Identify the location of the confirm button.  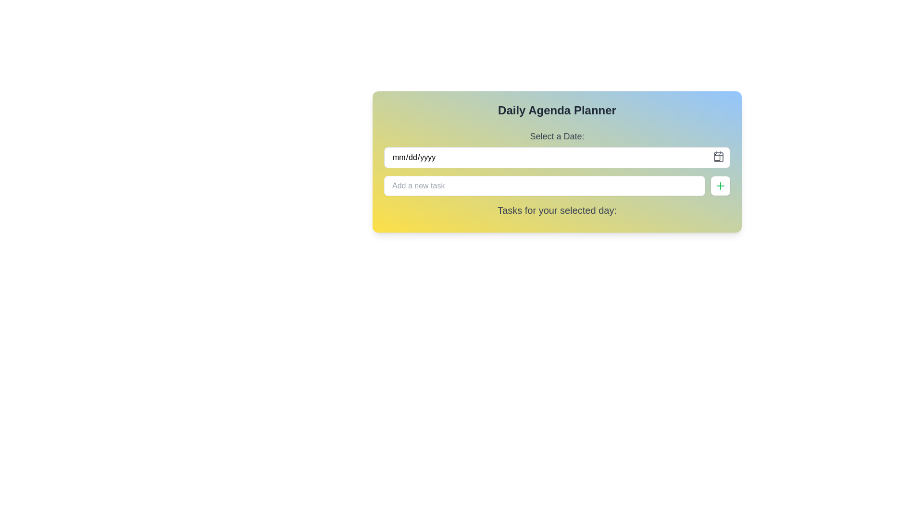
(720, 185).